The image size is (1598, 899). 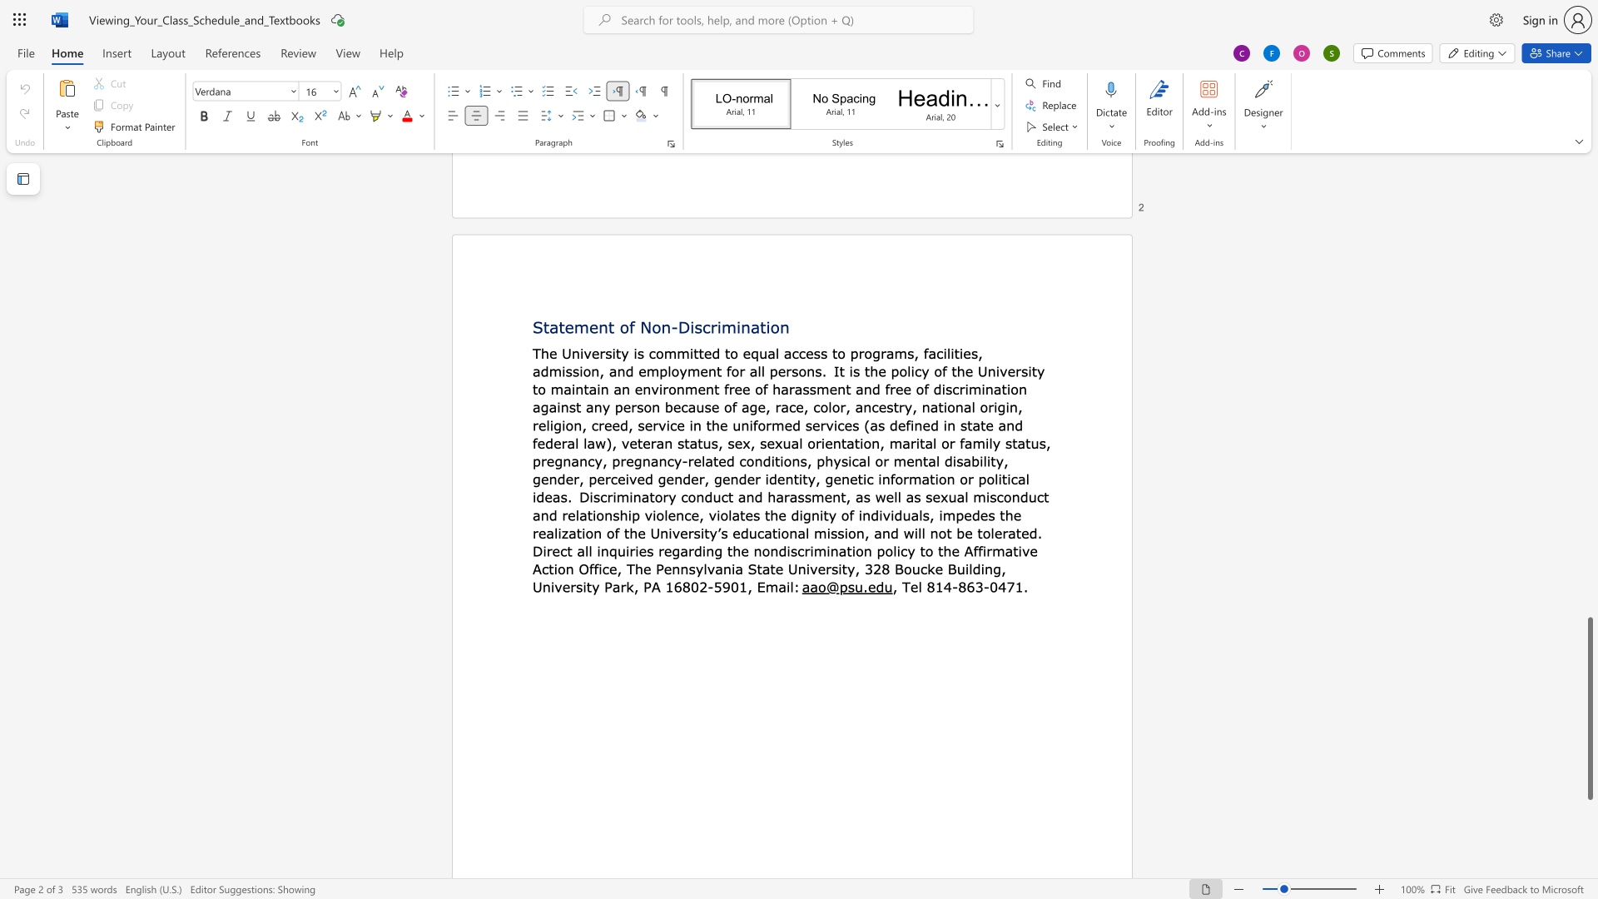 I want to click on the side scrollbar to bring the page up, so click(x=1589, y=375).